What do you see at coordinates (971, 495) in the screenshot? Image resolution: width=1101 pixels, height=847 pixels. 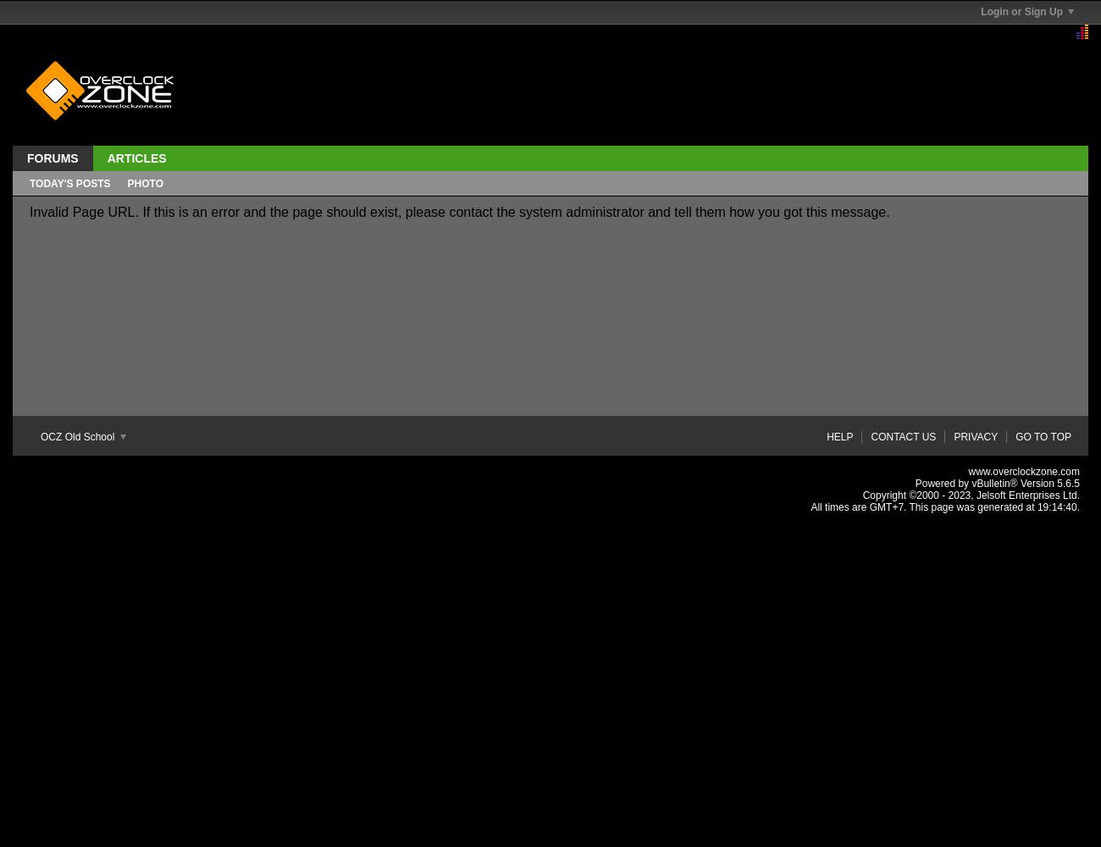 I see `'Copyright ©2000 - 2023, Jelsoft Enterprises Ltd.'` at bounding box center [971, 495].